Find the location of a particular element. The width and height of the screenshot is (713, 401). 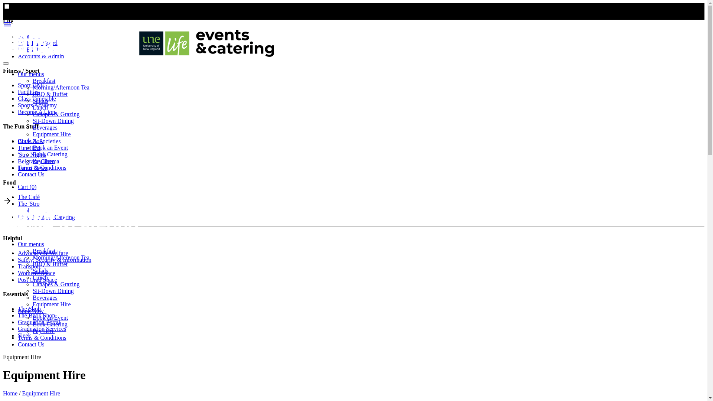

'The Book Shop' is located at coordinates (36, 315).